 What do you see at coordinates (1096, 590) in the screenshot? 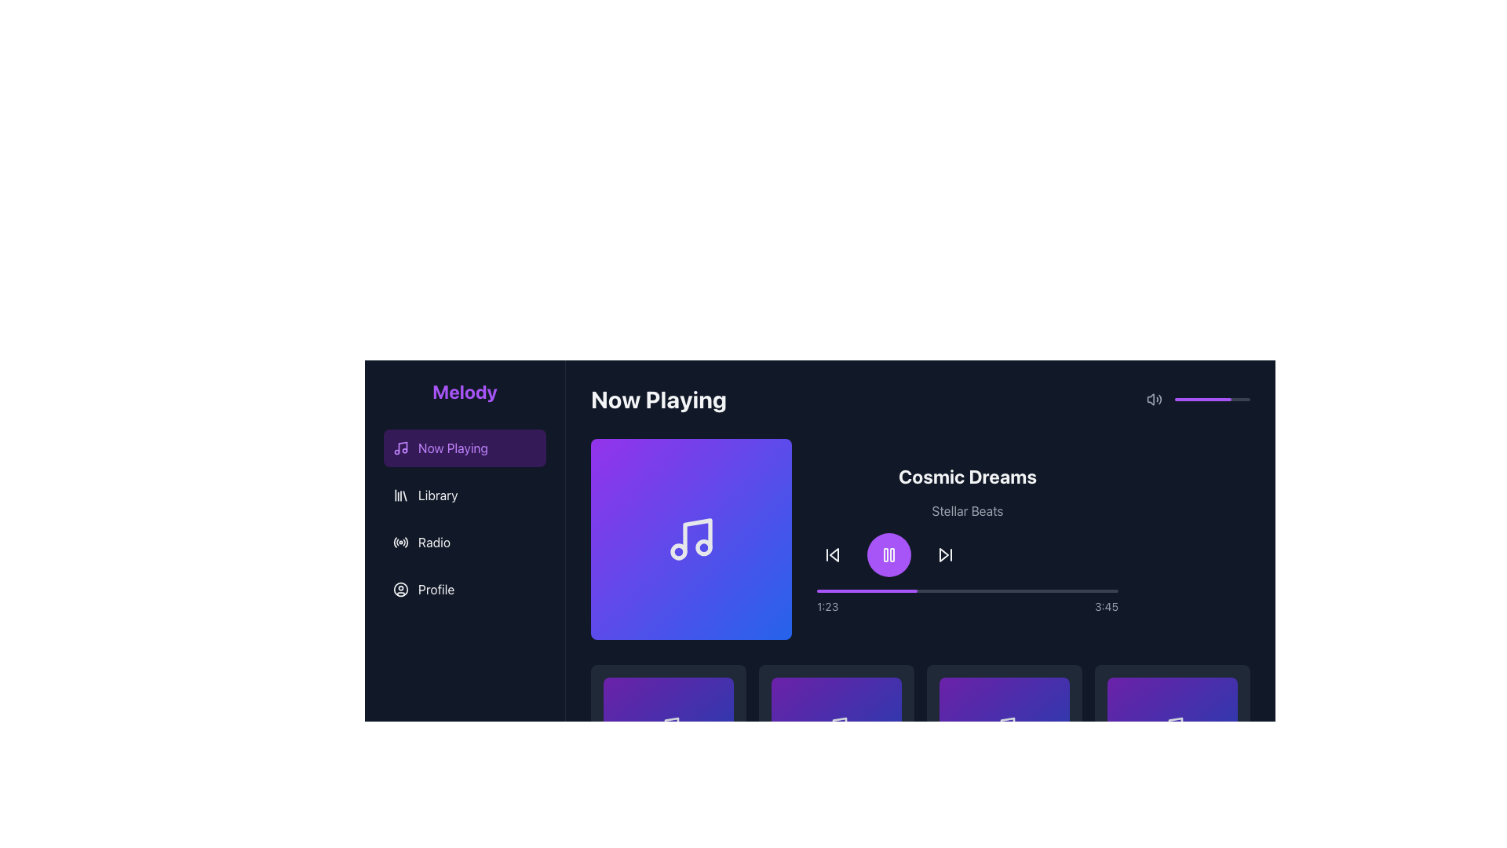
I see `the playback progress` at bounding box center [1096, 590].